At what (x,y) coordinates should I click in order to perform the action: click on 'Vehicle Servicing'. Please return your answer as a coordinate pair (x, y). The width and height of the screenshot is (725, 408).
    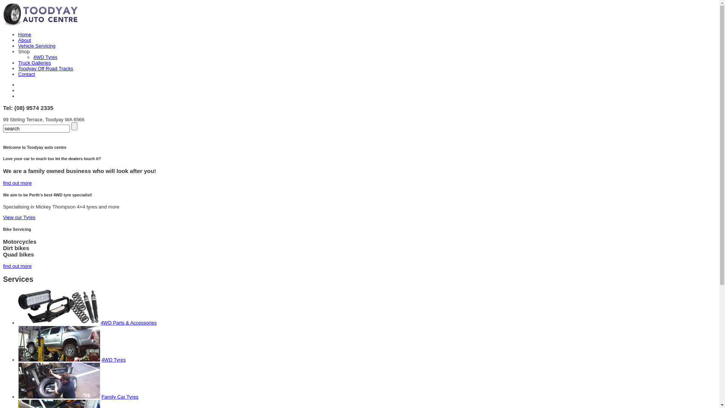
    Looking at the image, I should click on (36, 46).